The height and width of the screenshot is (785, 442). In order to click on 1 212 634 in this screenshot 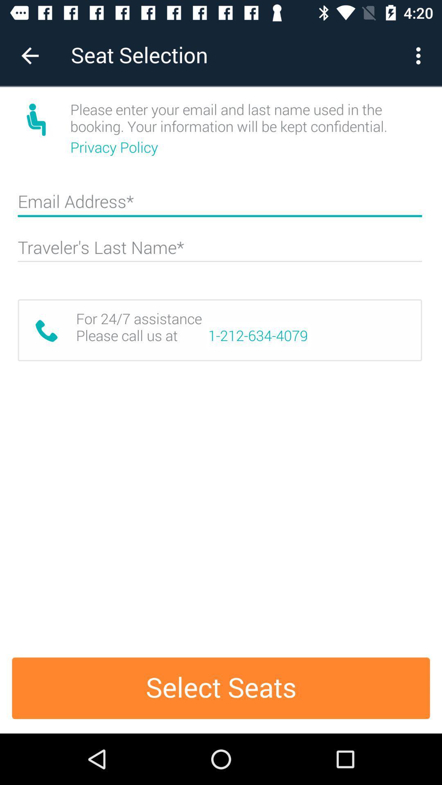, I will do `click(258, 336)`.